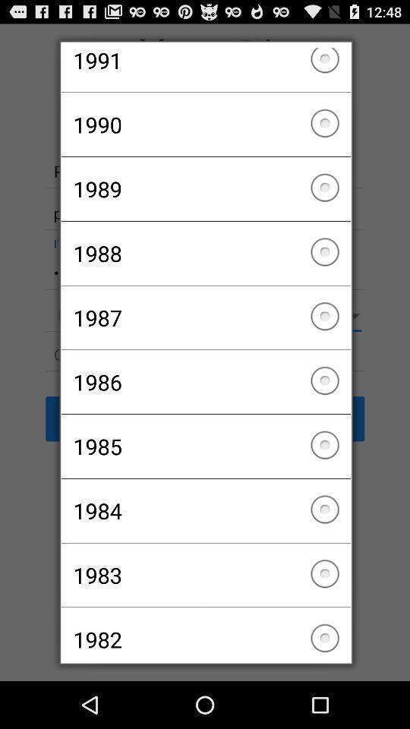 This screenshot has height=729, width=410. Describe the element at coordinates (205, 574) in the screenshot. I see `1983 icon` at that location.